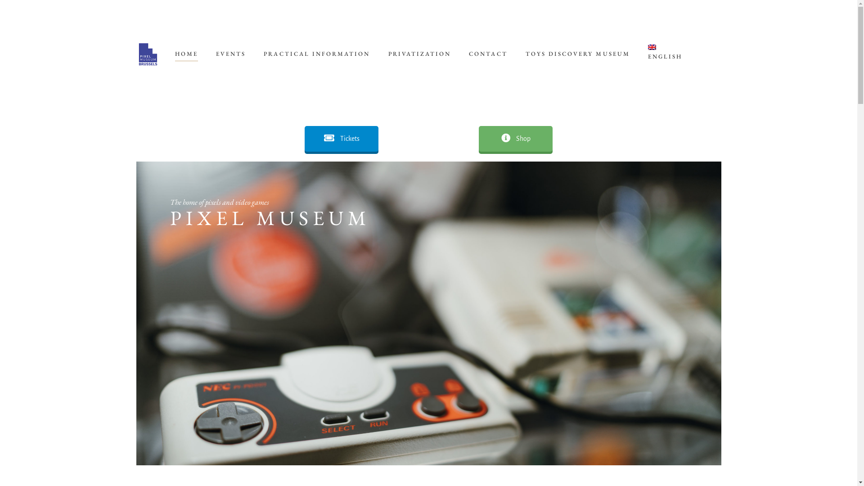 The width and height of the screenshot is (864, 486). I want to click on 'EVENTS', so click(231, 54).